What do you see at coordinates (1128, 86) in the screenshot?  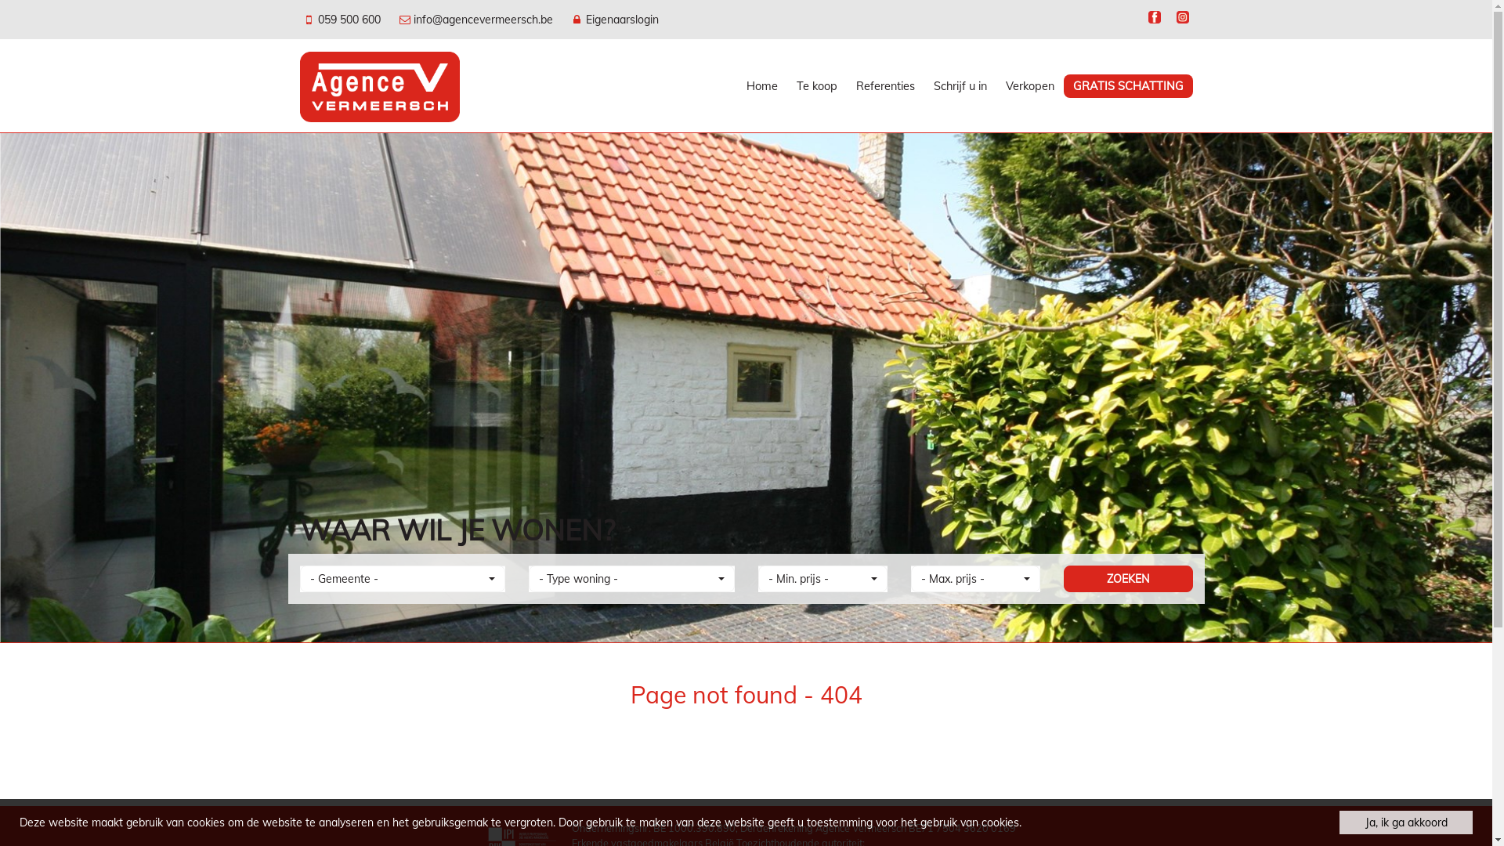 I see `'GRATIS SCHATTING'` at bounding box center [1128, 86].